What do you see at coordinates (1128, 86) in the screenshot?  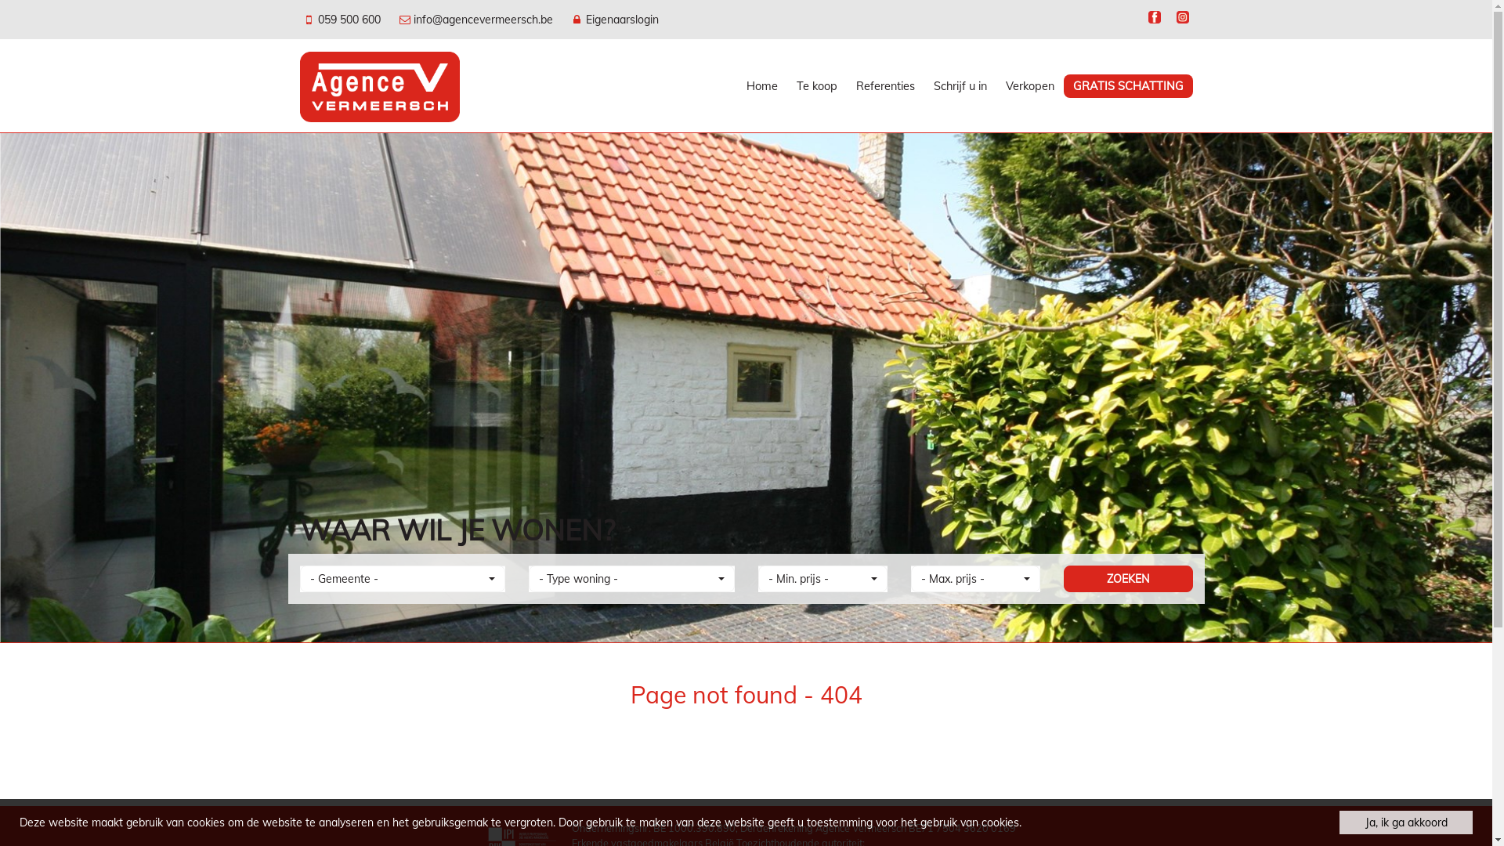 I see `'GRATIS SCHATTING'` at bounding box center [1128, 86].